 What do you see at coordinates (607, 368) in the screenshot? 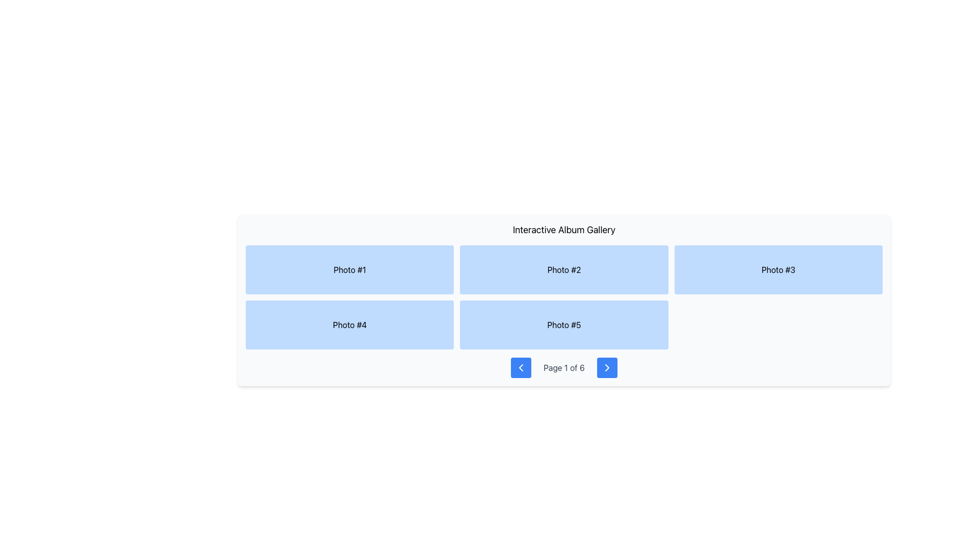
I see `the rightward-facing arrow icon inside the blue circular button located on the far right of the lower navigation bar` at bounding box center [607, 368].